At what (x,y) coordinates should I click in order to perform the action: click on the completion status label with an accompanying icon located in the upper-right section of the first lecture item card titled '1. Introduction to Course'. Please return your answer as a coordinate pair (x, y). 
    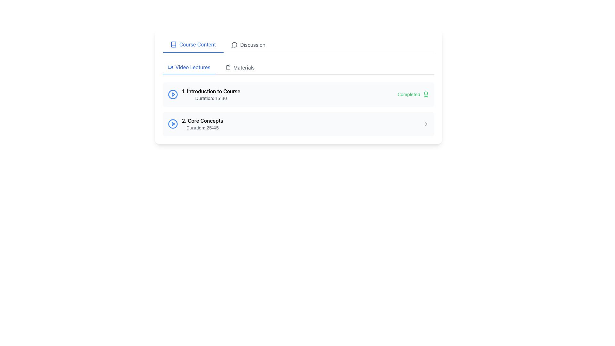
    Looking at the image, I should click on (413, 94).